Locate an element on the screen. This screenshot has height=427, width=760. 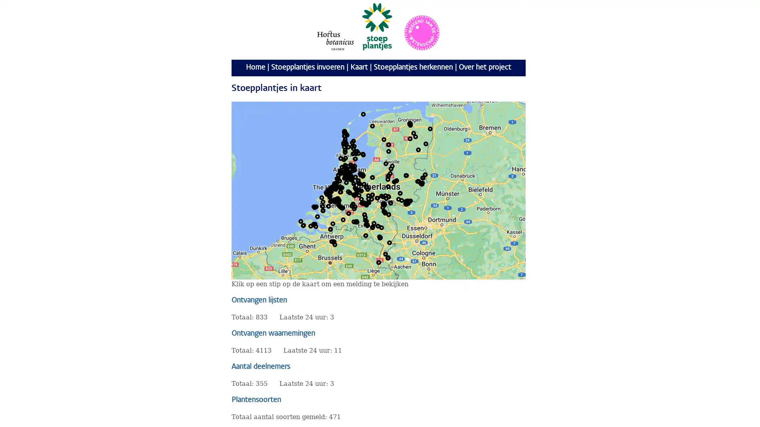
Telling van op 21 april 2022 is located at coordinates (350, 174).